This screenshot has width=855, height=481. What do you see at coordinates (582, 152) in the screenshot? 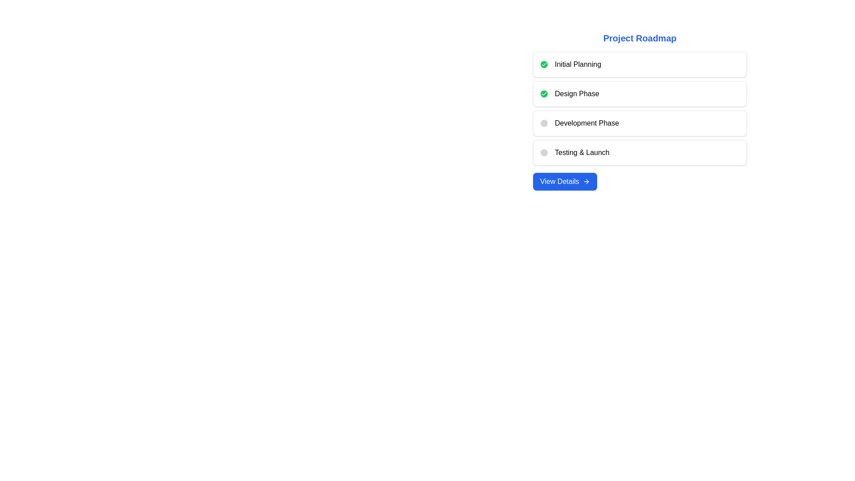
I see `the 'Testing & Launch' phase label in the project roadmap, which is positioned below the 'Development Phase' item and above the 'View Details' button` at bounding box center [582, 152].